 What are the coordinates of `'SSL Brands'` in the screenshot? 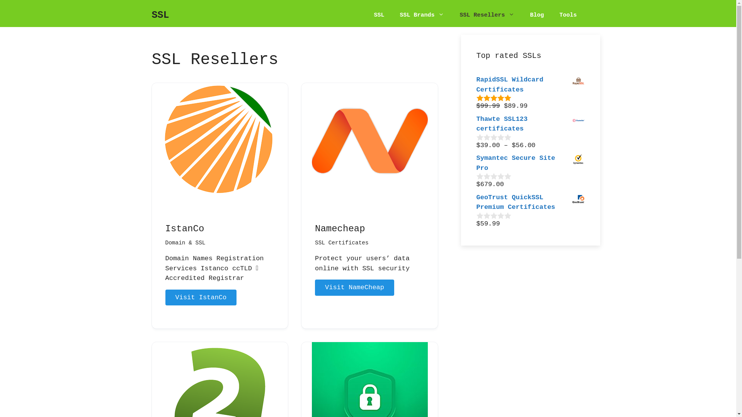 It's located at (421, 15).